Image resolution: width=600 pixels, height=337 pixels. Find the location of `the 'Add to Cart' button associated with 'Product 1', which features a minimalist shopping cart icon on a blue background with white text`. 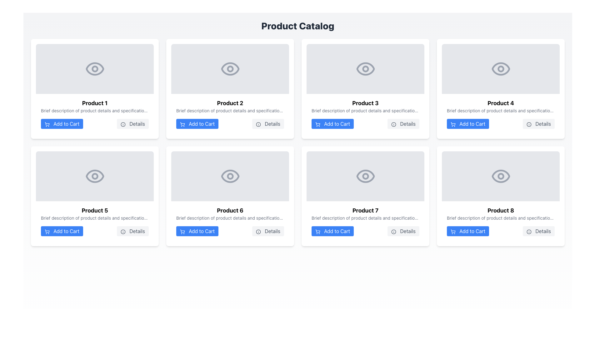

the 'Add to Cart' button associated with 'Product 1', which features a minimalist shopping cart icon on a blue background with white text is located at coordinates (47, 124).